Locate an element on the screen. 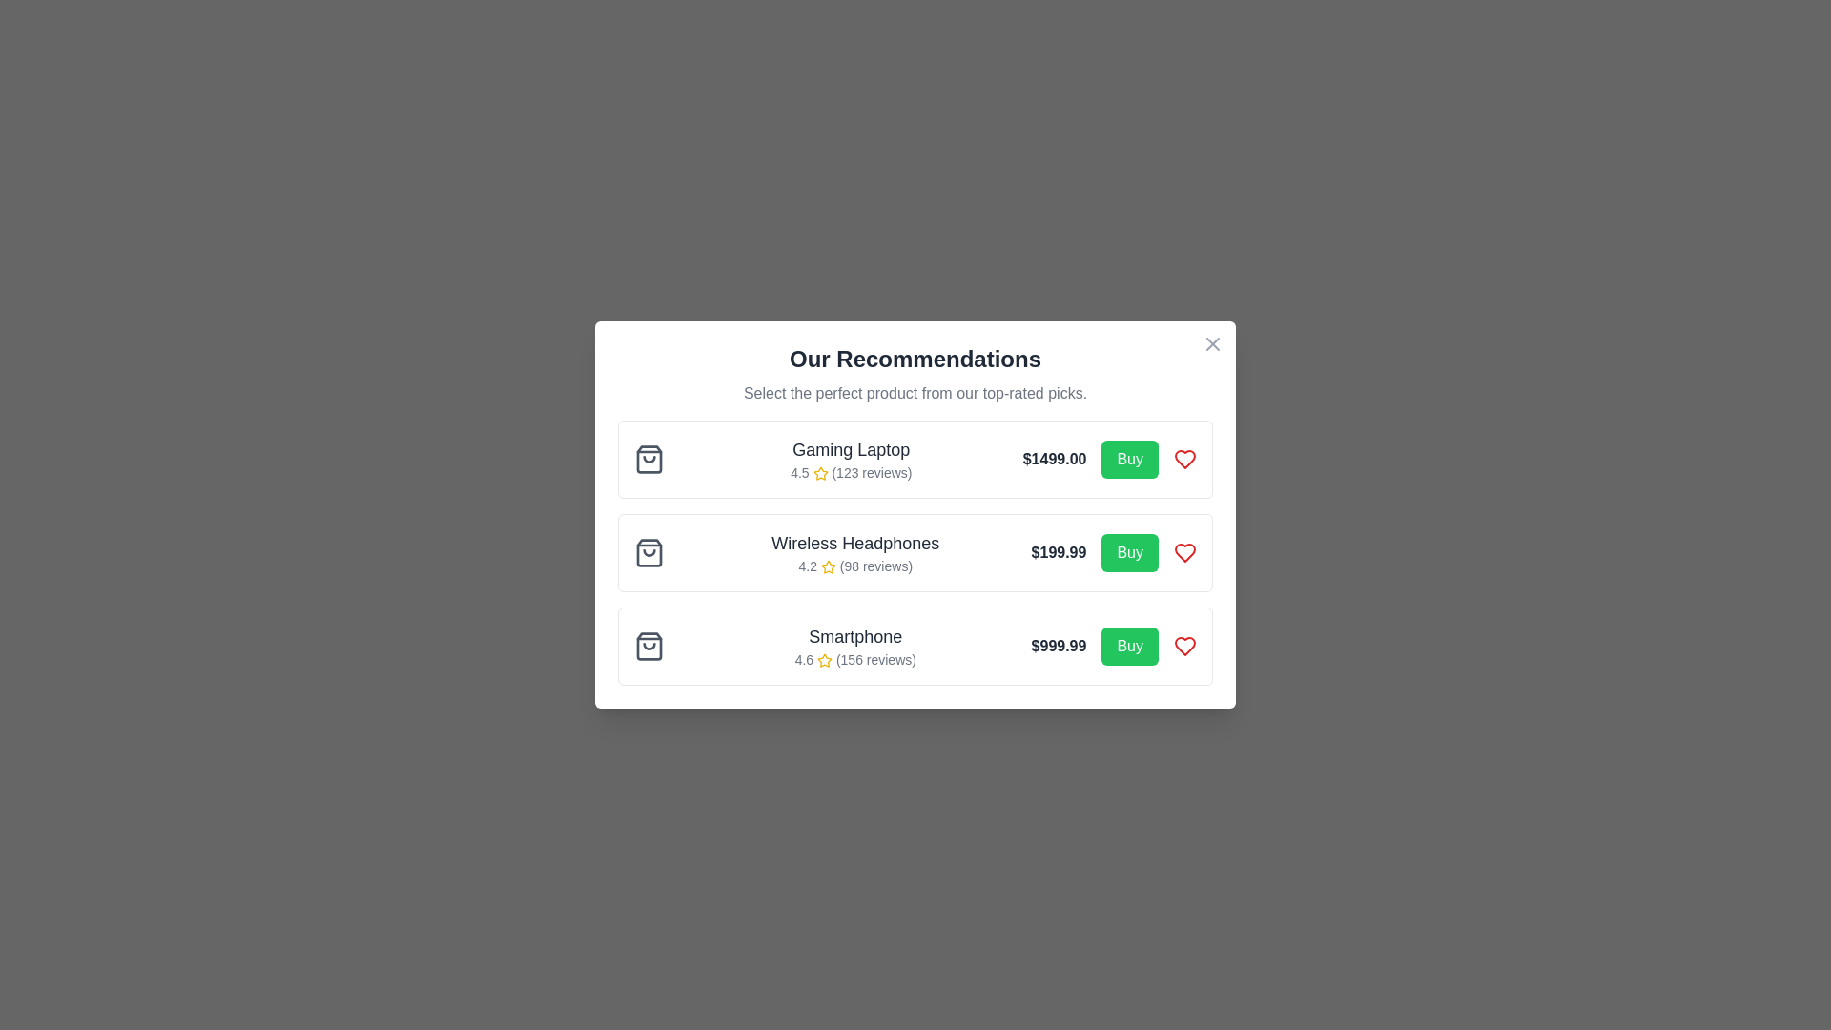 The width and height of the screenshot is (1831, 1030). the product title text label located at the top of the recommendation card, which is the first card in a list of recommended products is located at coordinates (850, 449).